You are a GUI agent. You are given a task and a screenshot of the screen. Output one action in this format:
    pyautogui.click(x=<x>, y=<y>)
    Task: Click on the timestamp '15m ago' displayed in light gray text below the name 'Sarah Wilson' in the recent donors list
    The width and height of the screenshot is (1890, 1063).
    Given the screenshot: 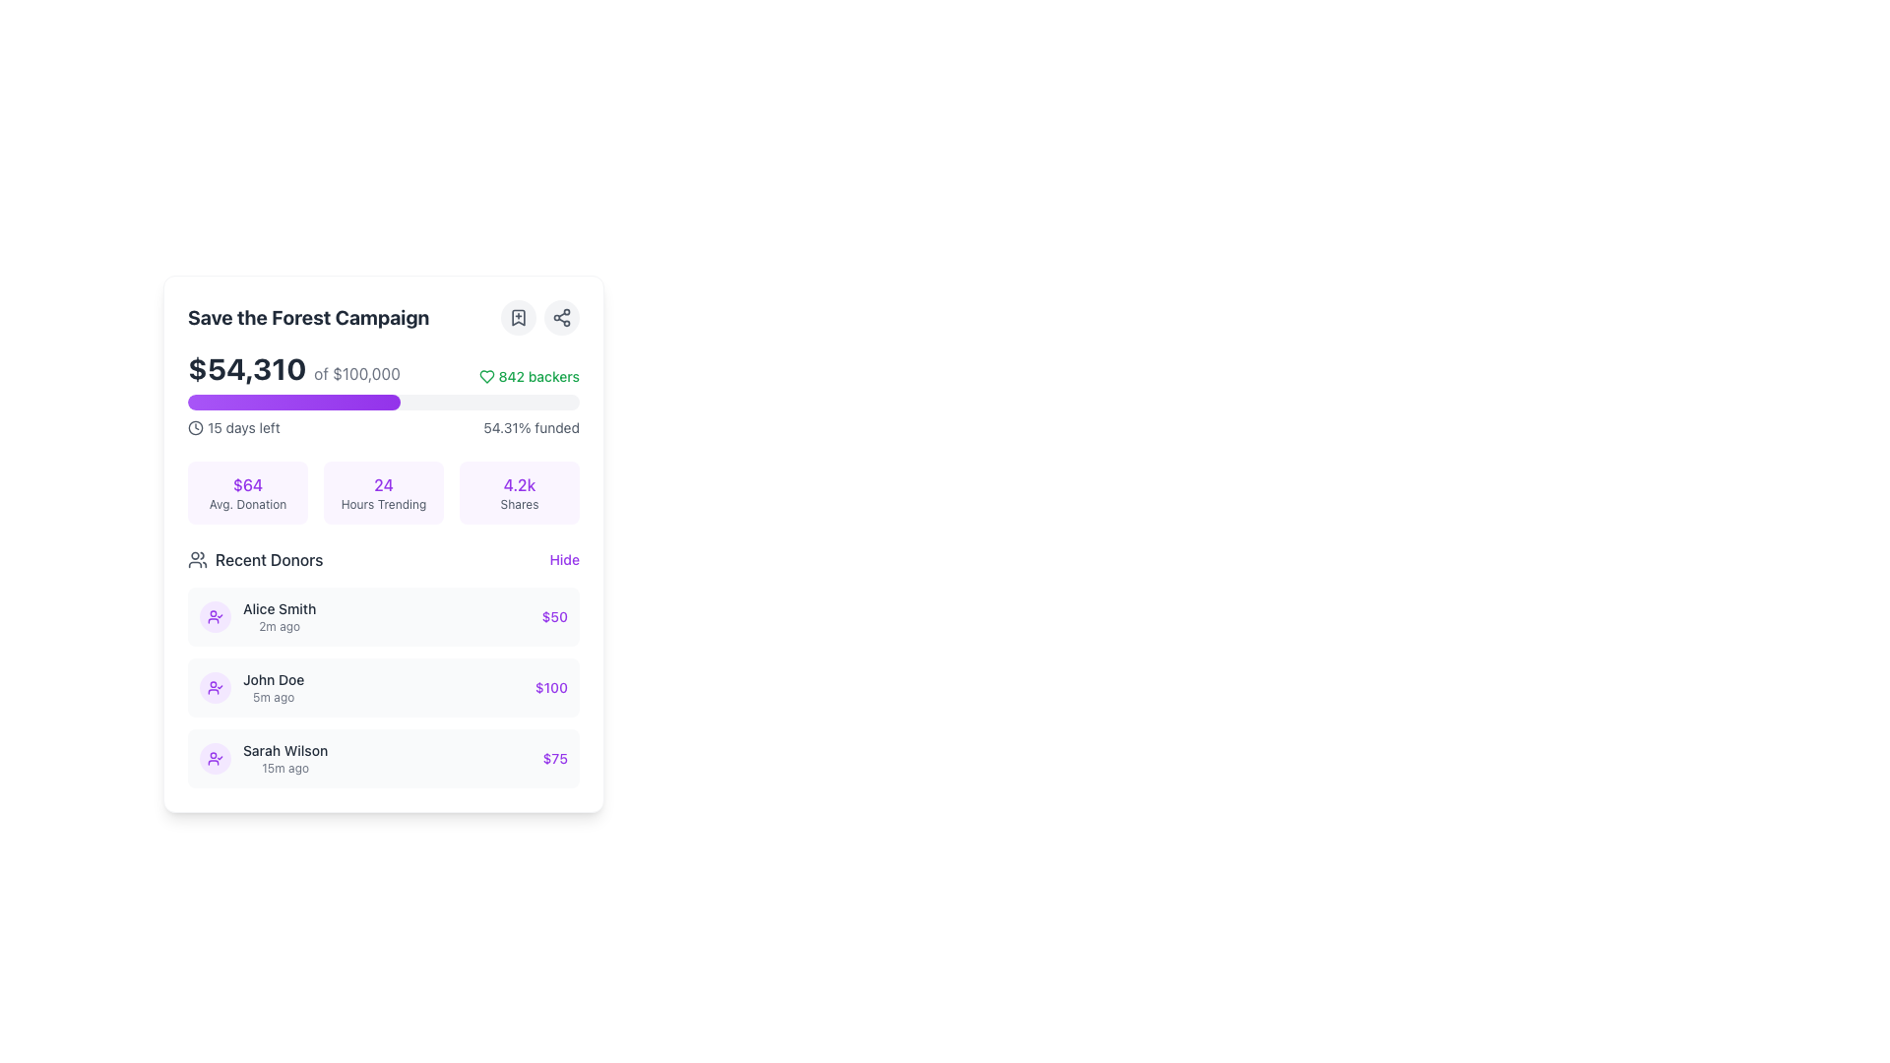 What is the action you would take?
    pyautogui.click(x=284, y=767)
    